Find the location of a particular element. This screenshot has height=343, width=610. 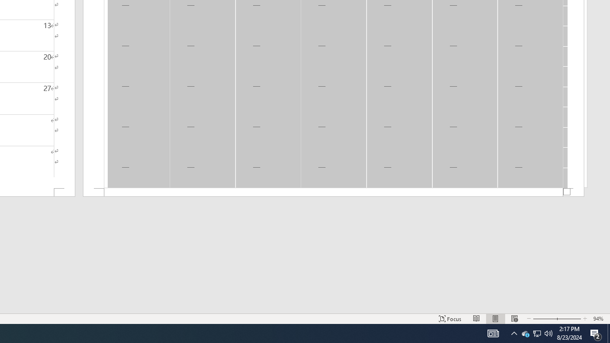

'Web Layout' is located at coordinates (514, 319).